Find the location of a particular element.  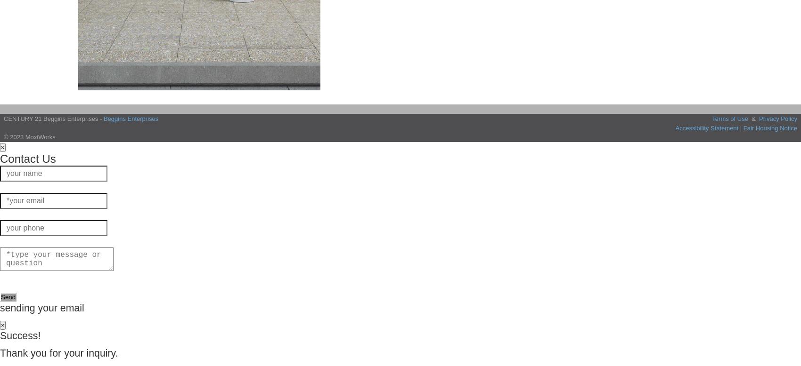

'Accessibility Statement' is located at coordinates (674, 127).